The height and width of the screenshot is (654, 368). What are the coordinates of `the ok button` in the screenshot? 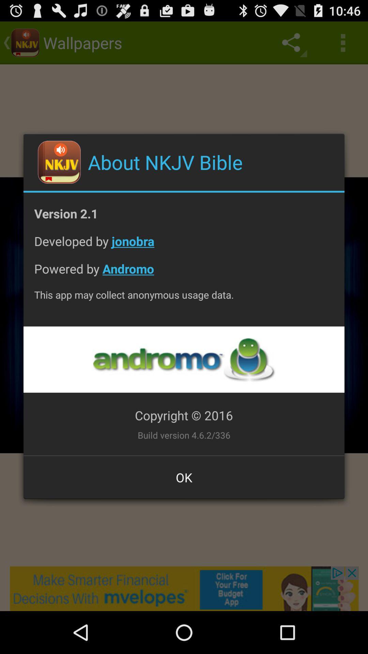 It's located at (184, 477).